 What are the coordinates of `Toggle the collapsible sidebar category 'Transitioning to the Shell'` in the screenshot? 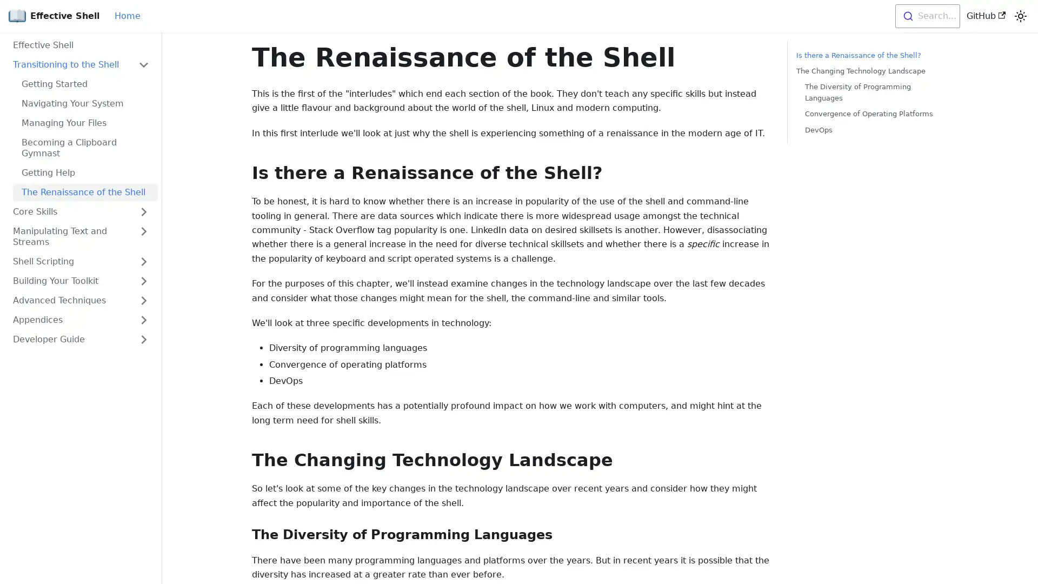 It's located at (143, 64).